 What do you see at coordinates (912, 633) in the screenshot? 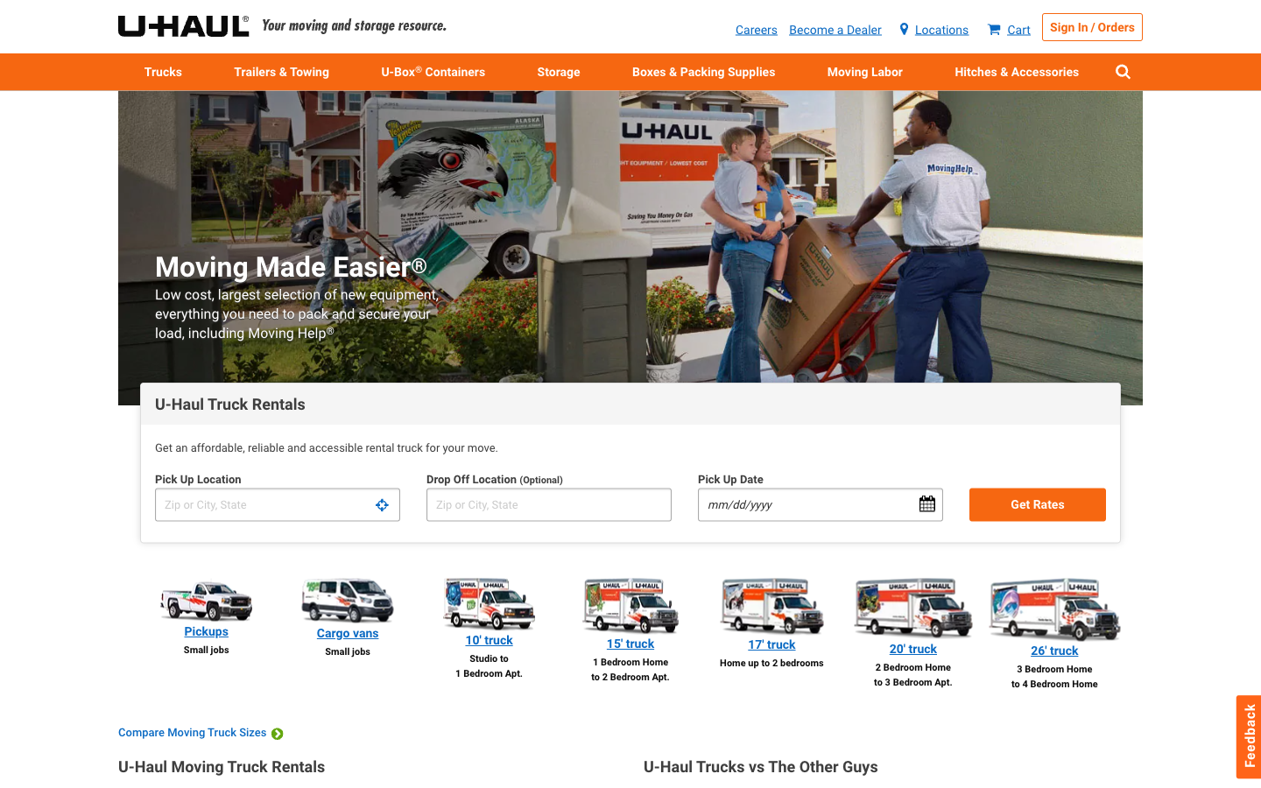
I see `Secure a 20-foot vehicle for a 3-BR apartment move` at bounding box center [912, 633].